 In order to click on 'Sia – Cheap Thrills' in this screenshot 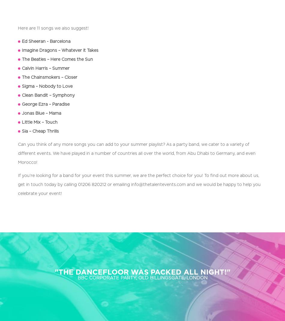, I will do `click(40, 131)`.